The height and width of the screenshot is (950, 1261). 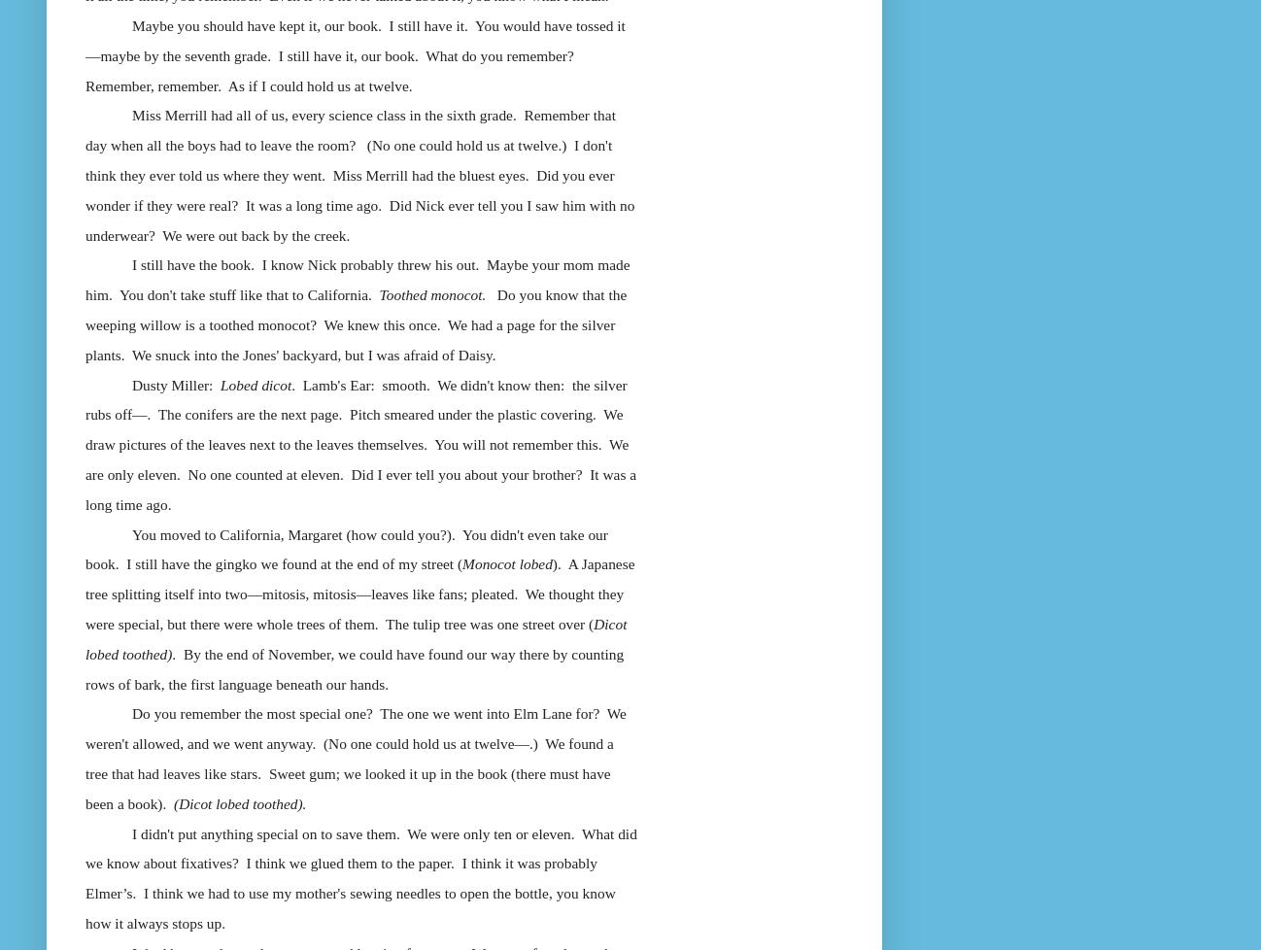 What do you see at coordinates (359, 594) in the screenshot?
I see `').  A Japanese
tree splitting itself into two—mitosis, mitosis—leaves like fans; pleated.  We thought they were special, but there were
whole trees of them.  The tulip tree was
one street over ('` at bounding box center [359, 594].